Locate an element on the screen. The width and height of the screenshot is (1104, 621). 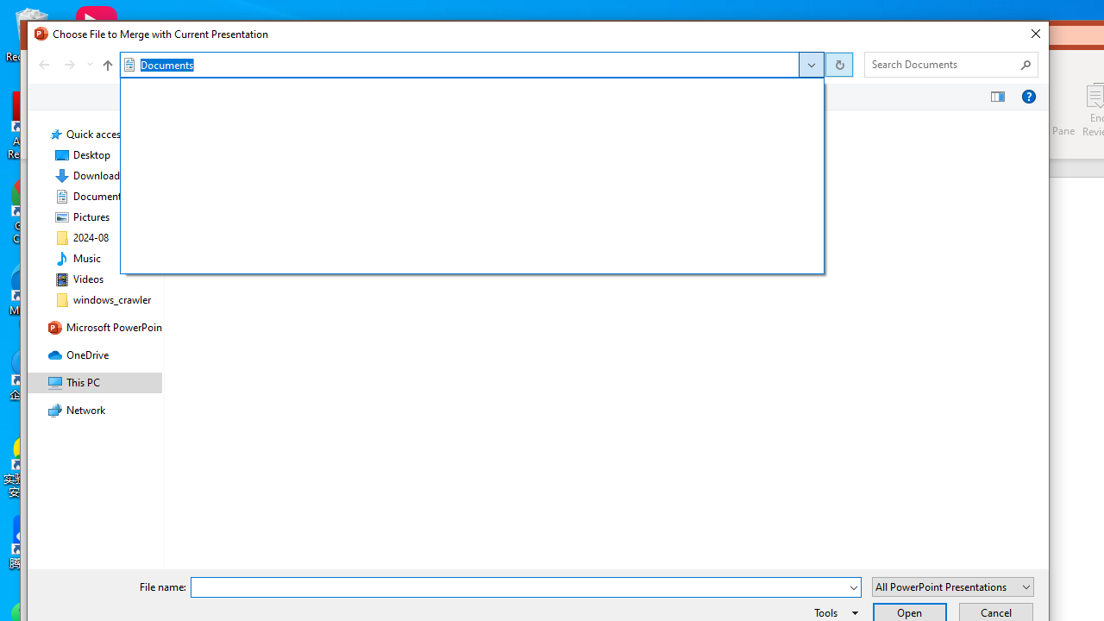
'Up to "This PC" (Alt + Up Arrow)' is located at coordinates (106, 64).